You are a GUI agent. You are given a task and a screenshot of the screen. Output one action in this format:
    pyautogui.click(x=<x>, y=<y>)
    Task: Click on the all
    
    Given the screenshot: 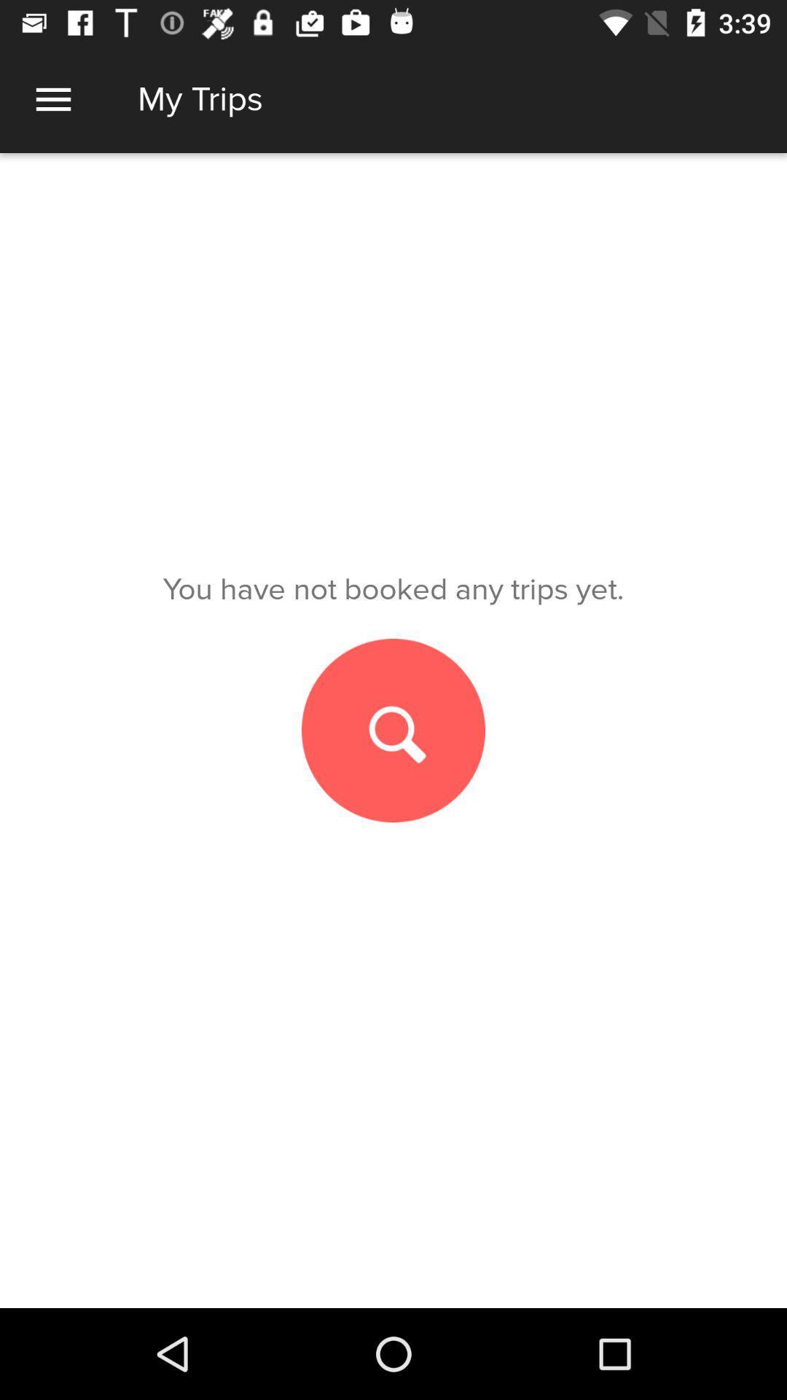 What is the action you would take?
    pyautogui.click(x=52, y=98)
    